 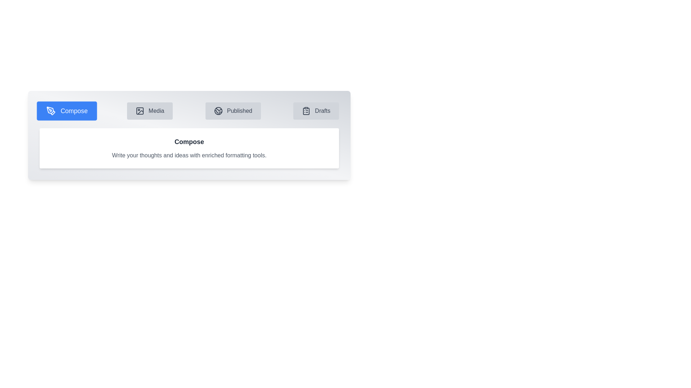 What do you see at coordinates (149, 111) in the screenshot?
I see `the Media tab to observe its visual state change` at bounding box center [149, 111].